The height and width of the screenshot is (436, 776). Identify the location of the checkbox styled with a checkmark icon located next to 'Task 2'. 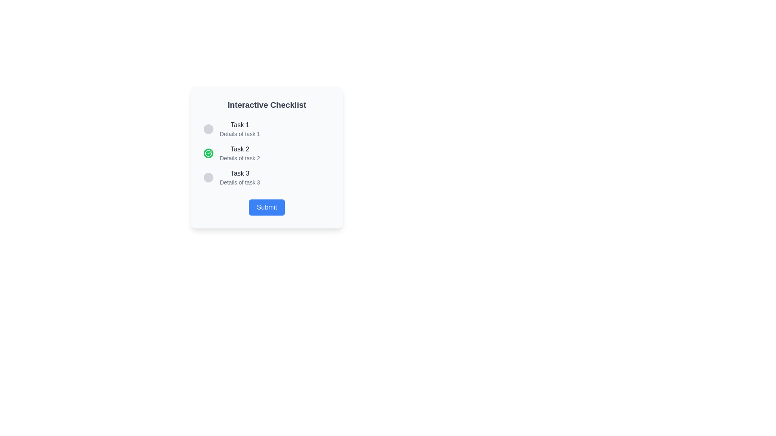
(208, 153).